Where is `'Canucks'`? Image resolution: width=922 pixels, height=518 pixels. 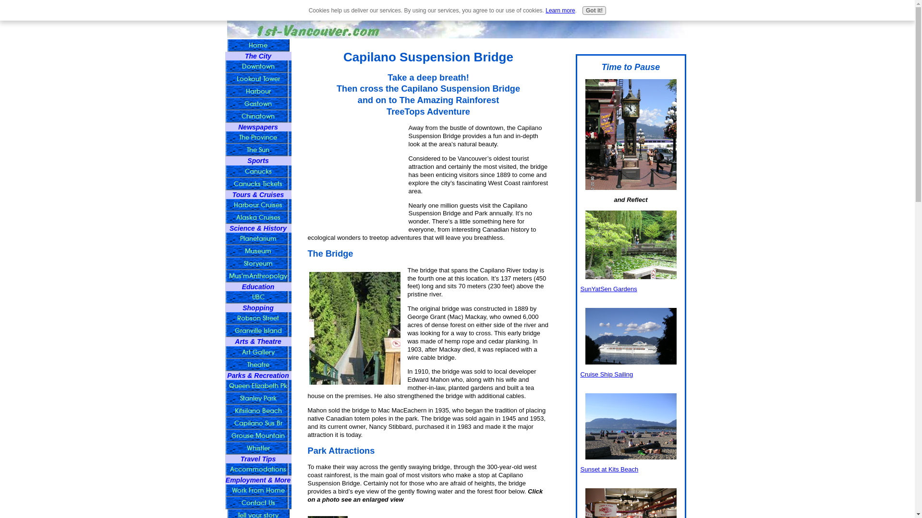
'Canucks' is located at coordinates (258, 171).